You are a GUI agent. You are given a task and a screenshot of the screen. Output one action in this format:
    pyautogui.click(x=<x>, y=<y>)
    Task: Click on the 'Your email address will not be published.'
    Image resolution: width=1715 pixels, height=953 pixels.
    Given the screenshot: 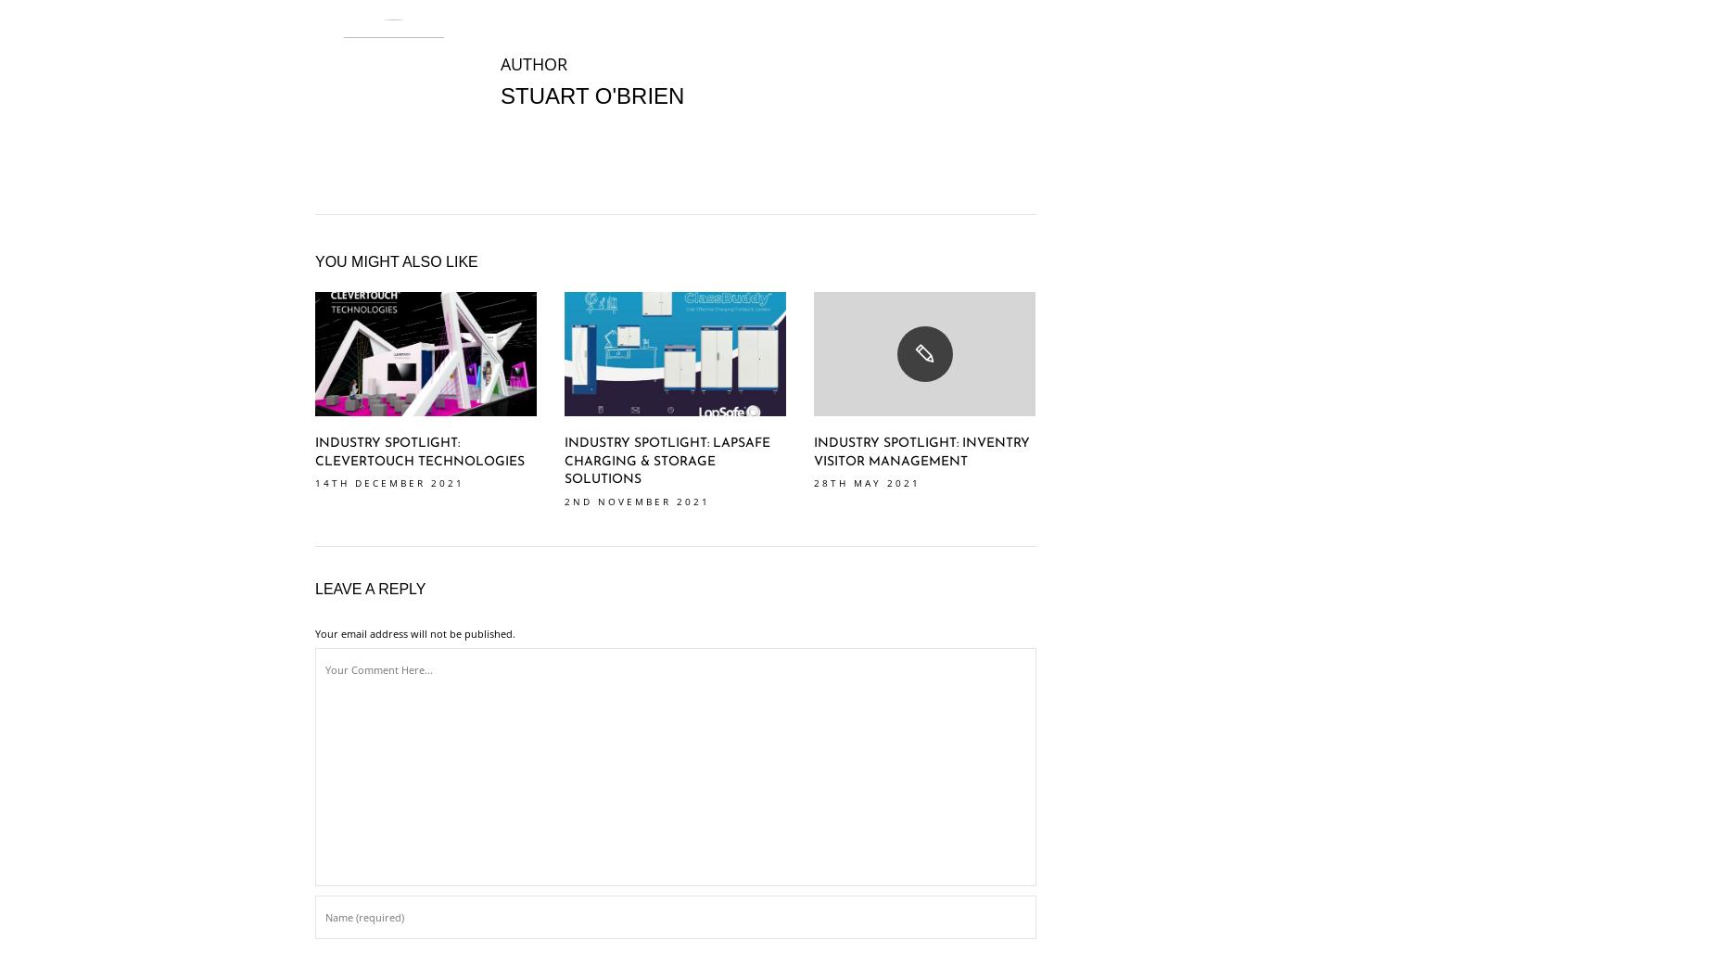 What is the action you would take?
    pyautogui.click(x=314, y=633)
    